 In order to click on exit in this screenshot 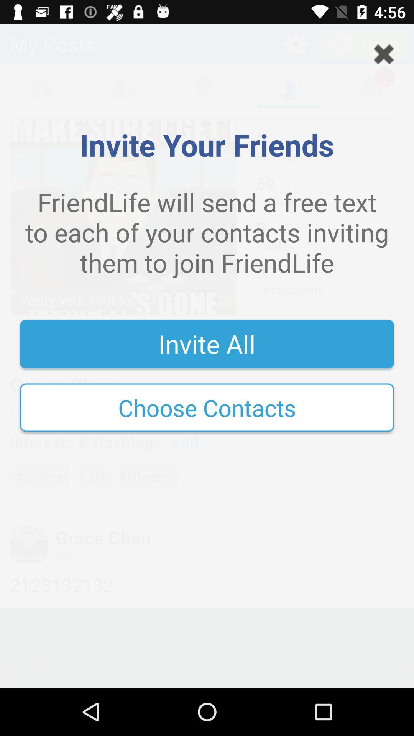, I will do `click(384, 54)`.